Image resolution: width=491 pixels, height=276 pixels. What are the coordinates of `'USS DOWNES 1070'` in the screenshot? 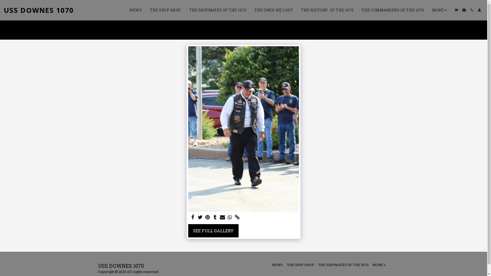 It's located at (38, 10).